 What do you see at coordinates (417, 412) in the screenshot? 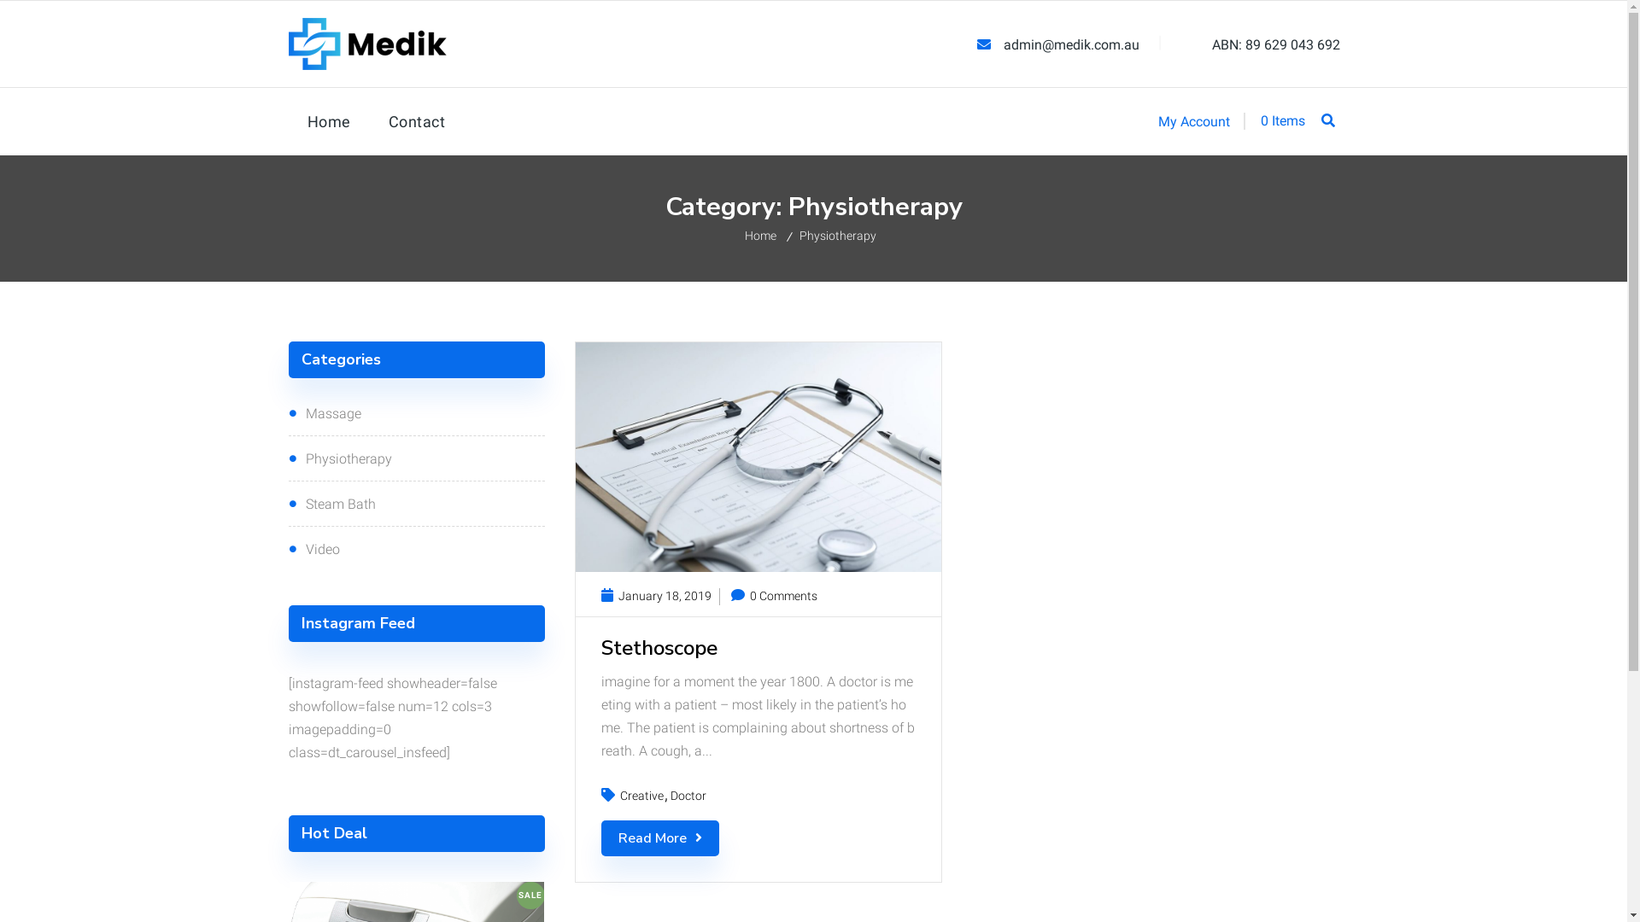
I see `'Massage'` at bounding box center [417, 412].